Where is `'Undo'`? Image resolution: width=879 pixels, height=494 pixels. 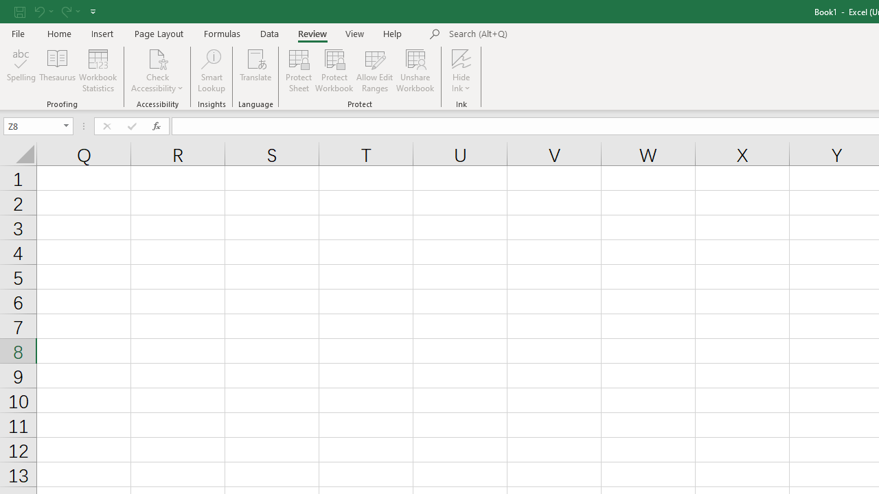 'Undo' is located at coordinates (43, 11).